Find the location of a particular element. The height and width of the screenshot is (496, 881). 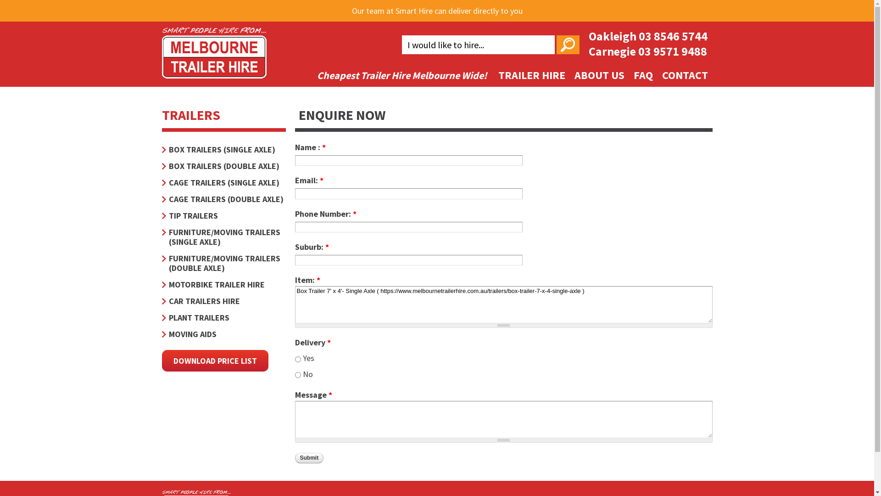

'Skip to main content' is located at coordinates (394, 1).